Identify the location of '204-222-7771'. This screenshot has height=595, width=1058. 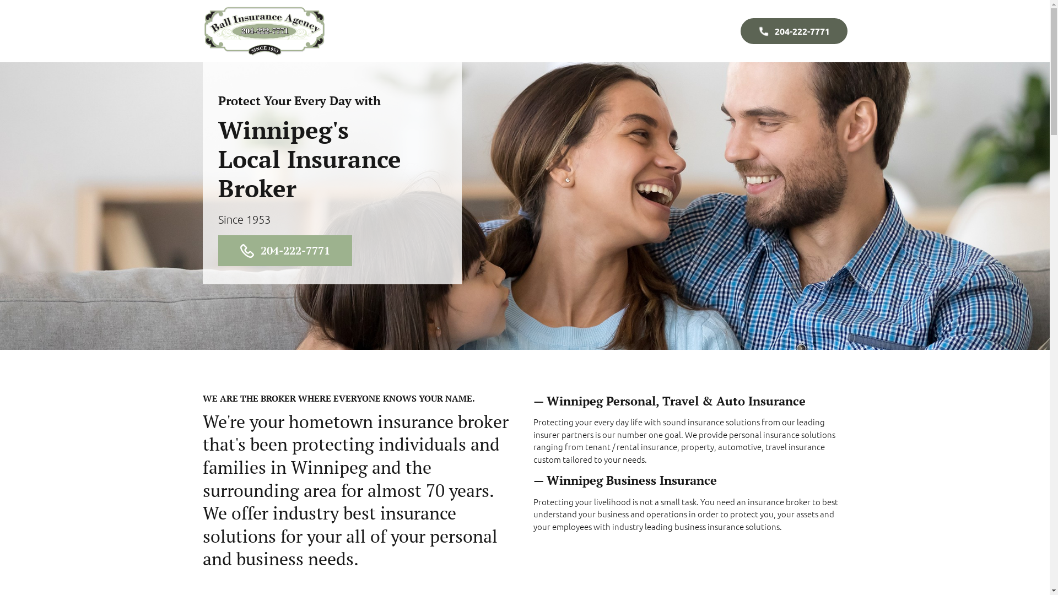
(793, 30).